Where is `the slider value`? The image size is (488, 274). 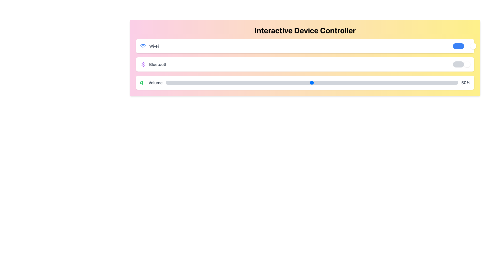
the slider value is located at coordinates (250, 80).